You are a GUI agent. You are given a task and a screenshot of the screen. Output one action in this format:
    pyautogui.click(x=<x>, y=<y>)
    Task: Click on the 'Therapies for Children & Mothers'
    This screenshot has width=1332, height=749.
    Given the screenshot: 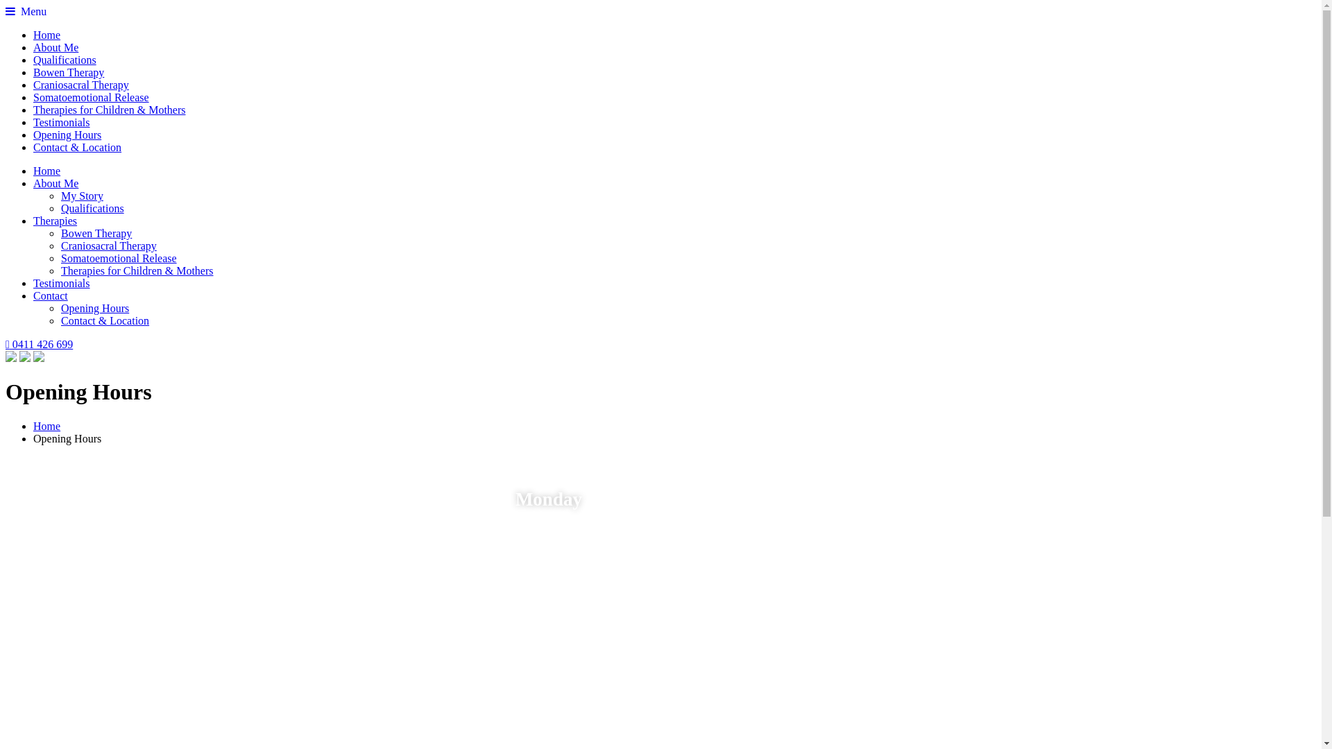 What is the action you would take?
    pyautogui.click(x=137, y=270)
    